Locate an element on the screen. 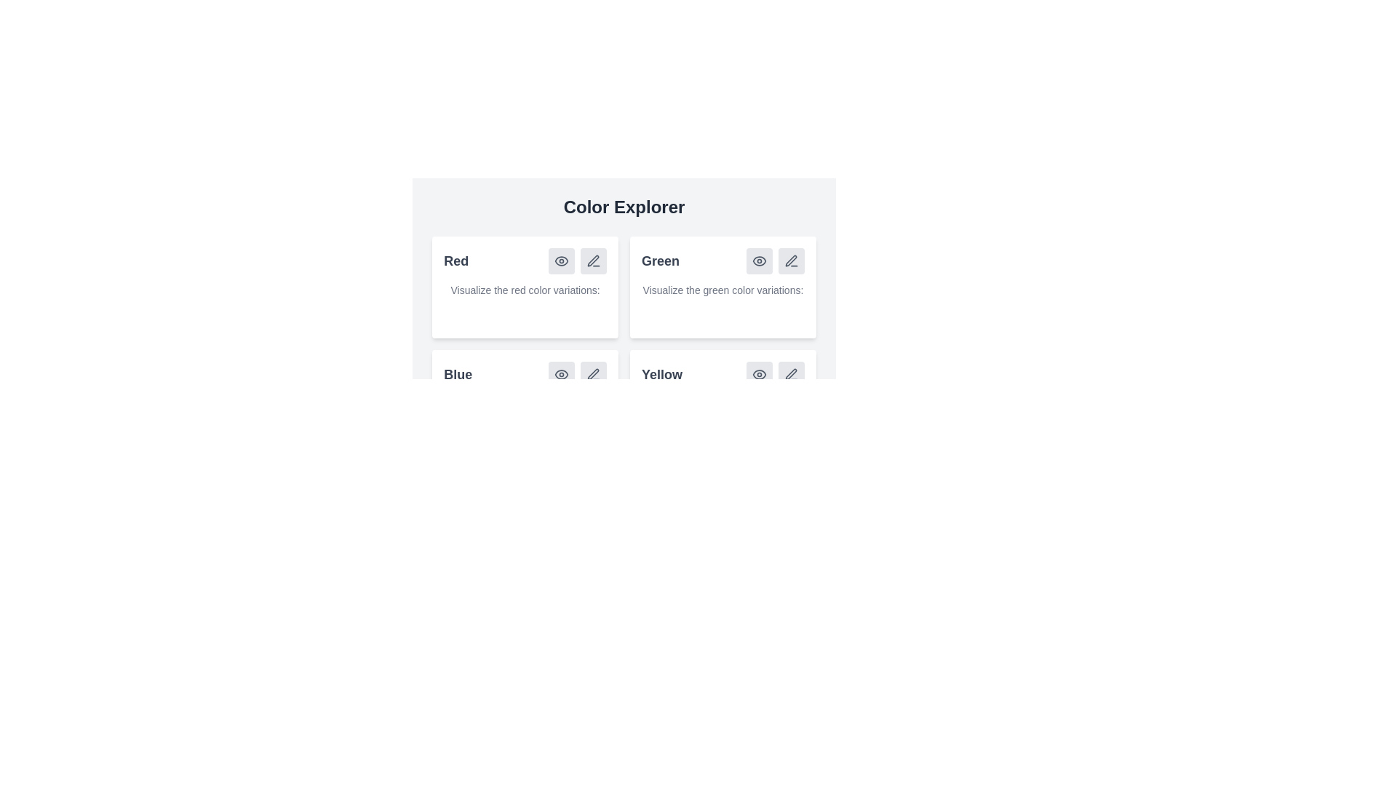 This screenshot has height=786, width=1397. the edit button with an icon located in the bottom right corner of the 'Yellow' cell in the 'Color Explorer' is located at coordinates (790, 374).